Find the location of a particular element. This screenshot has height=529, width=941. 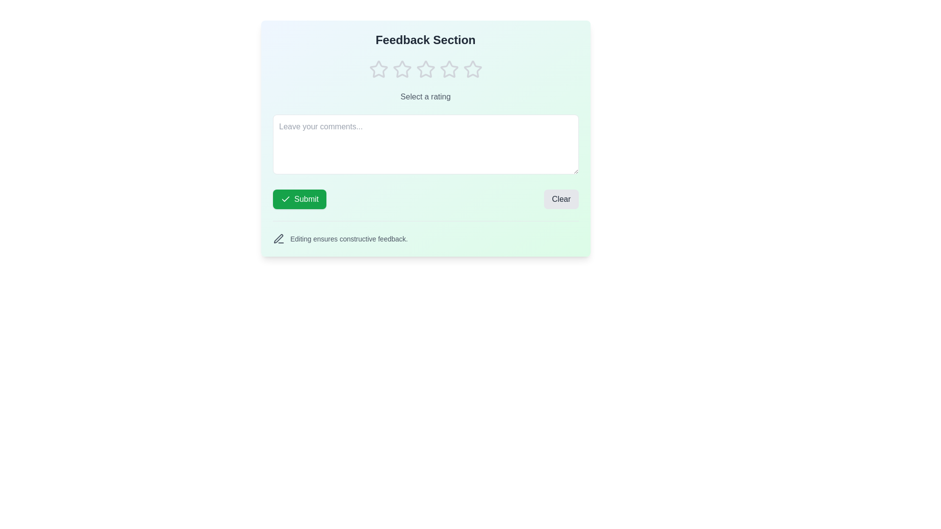

the 'Submit' button which contains a small checkmark icon styled with a rounded stroke, located at the bottom left of the feedback form is located at coordinates (285, 198).